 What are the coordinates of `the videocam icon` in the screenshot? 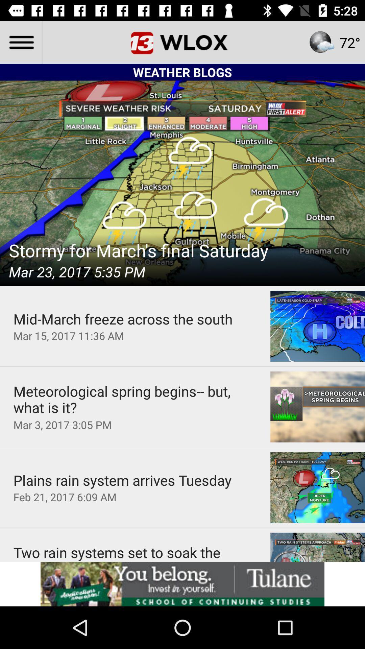 It's located at (159, 42).